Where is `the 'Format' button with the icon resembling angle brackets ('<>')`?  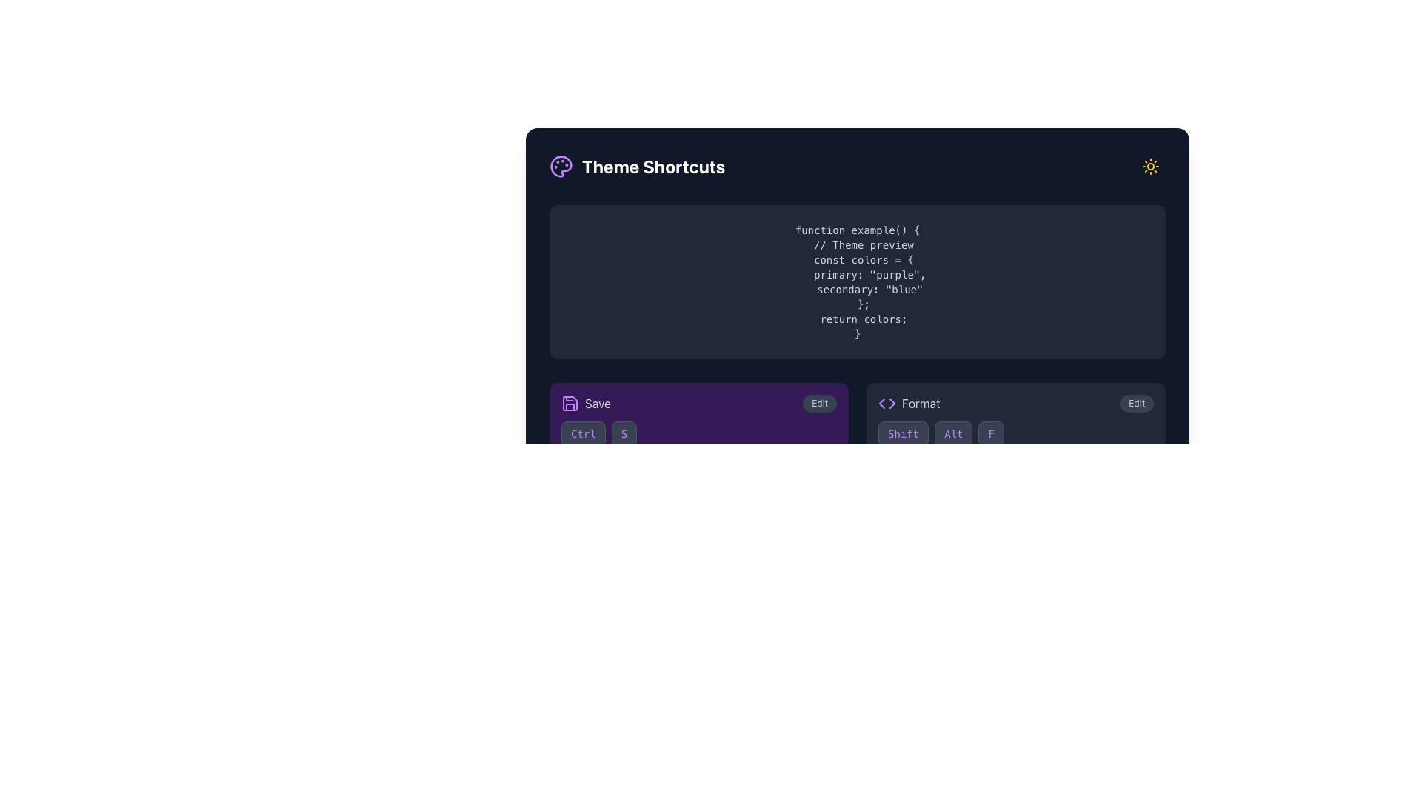
the 'Format' button with the icon resembling angle brackets ('<>') is located at coordinates (908, 403).